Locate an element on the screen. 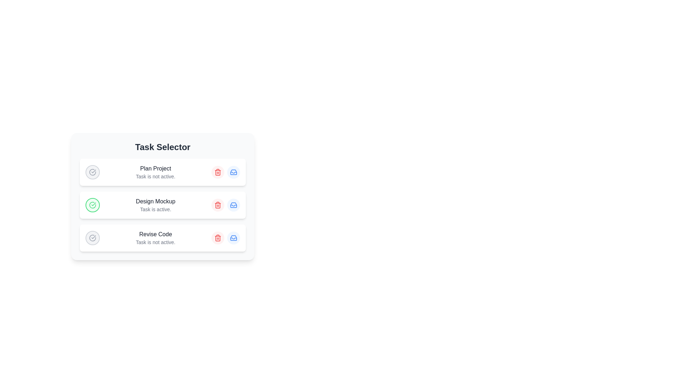 This screenshot has height=386, width=687. the text label that says 'Task is not active.' located beneath the 'Revise Code' title in the 'Task Selector' interface is located at coordinates (155, 242).